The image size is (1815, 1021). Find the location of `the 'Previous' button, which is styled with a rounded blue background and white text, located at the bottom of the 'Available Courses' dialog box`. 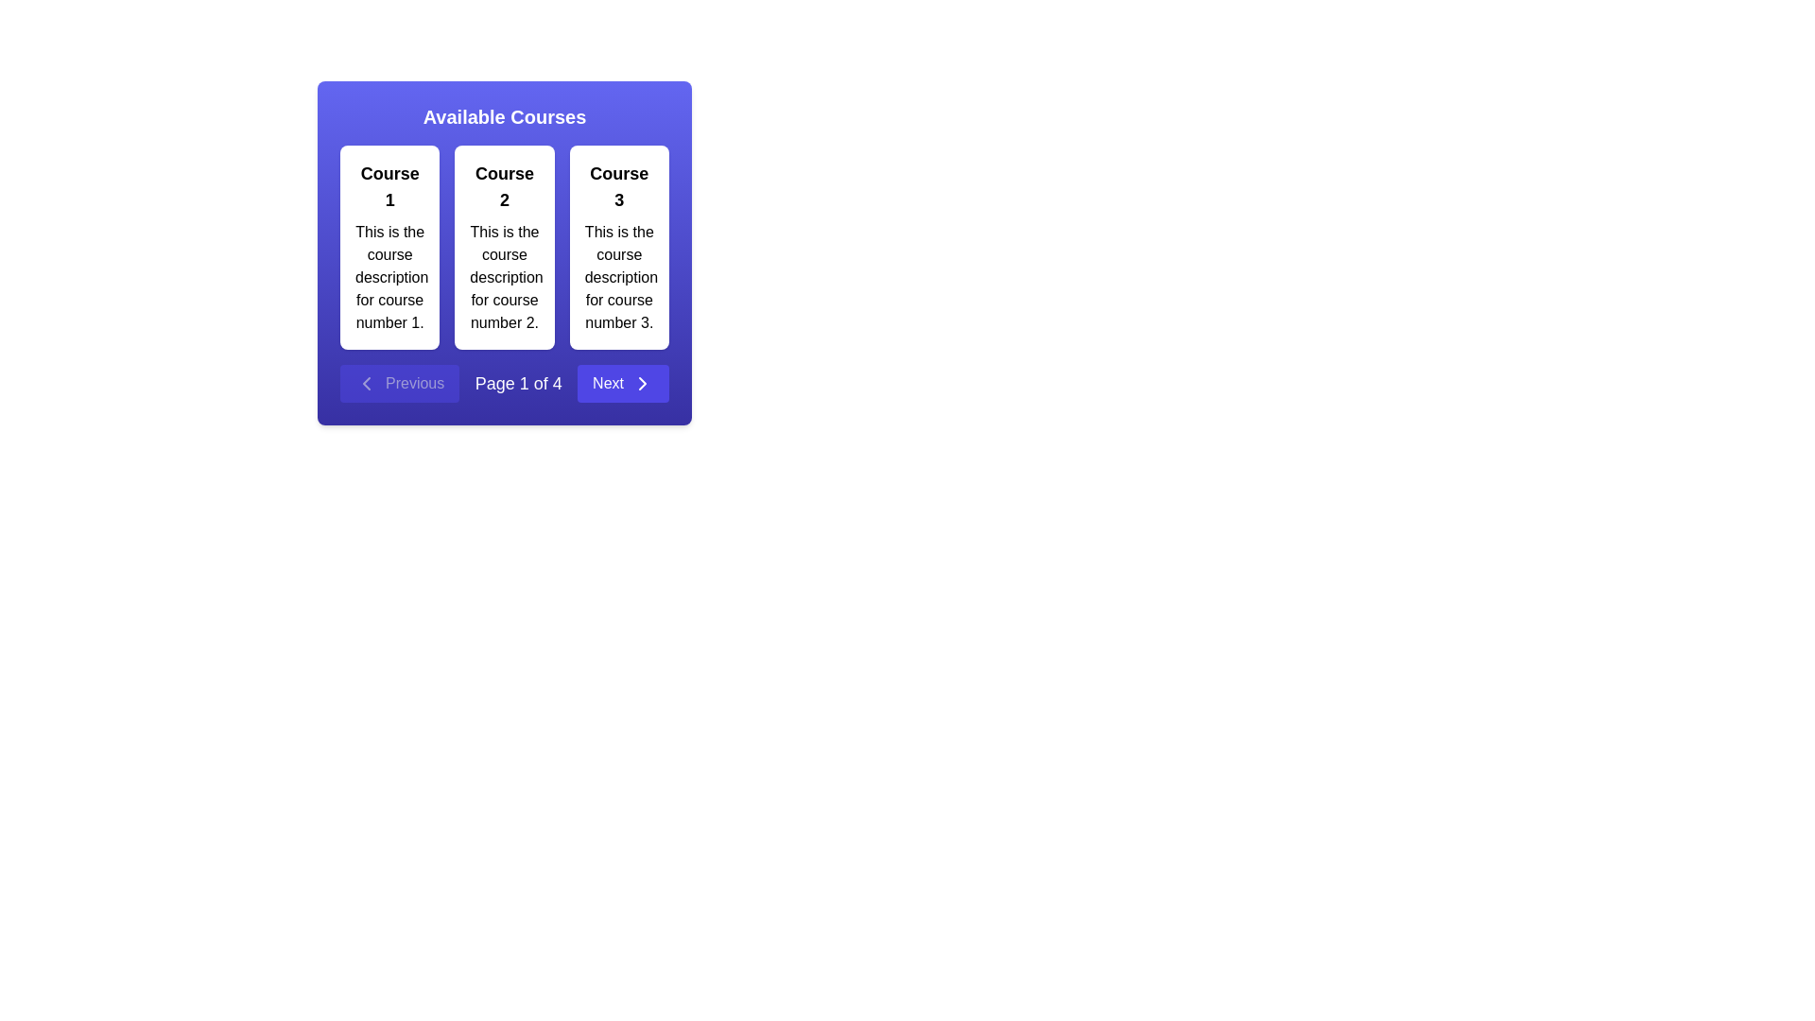

the 'Previous' button, which is styled with a rounded blue background and white text, located at the bottom of the 'Available Courses' dialog box is located at coordinates (399, 383).